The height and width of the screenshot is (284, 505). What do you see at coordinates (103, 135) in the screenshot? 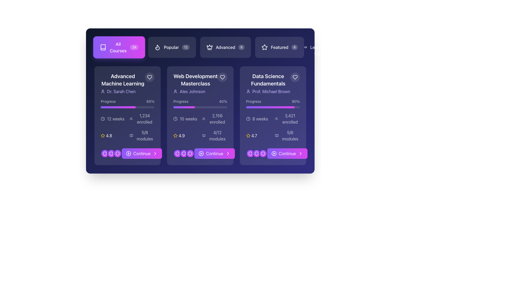
I see `the star icon located in the first card of the displayed list, adjacent to the text '4.8', to provide interaction feedback` at bounding box center [103, 135].